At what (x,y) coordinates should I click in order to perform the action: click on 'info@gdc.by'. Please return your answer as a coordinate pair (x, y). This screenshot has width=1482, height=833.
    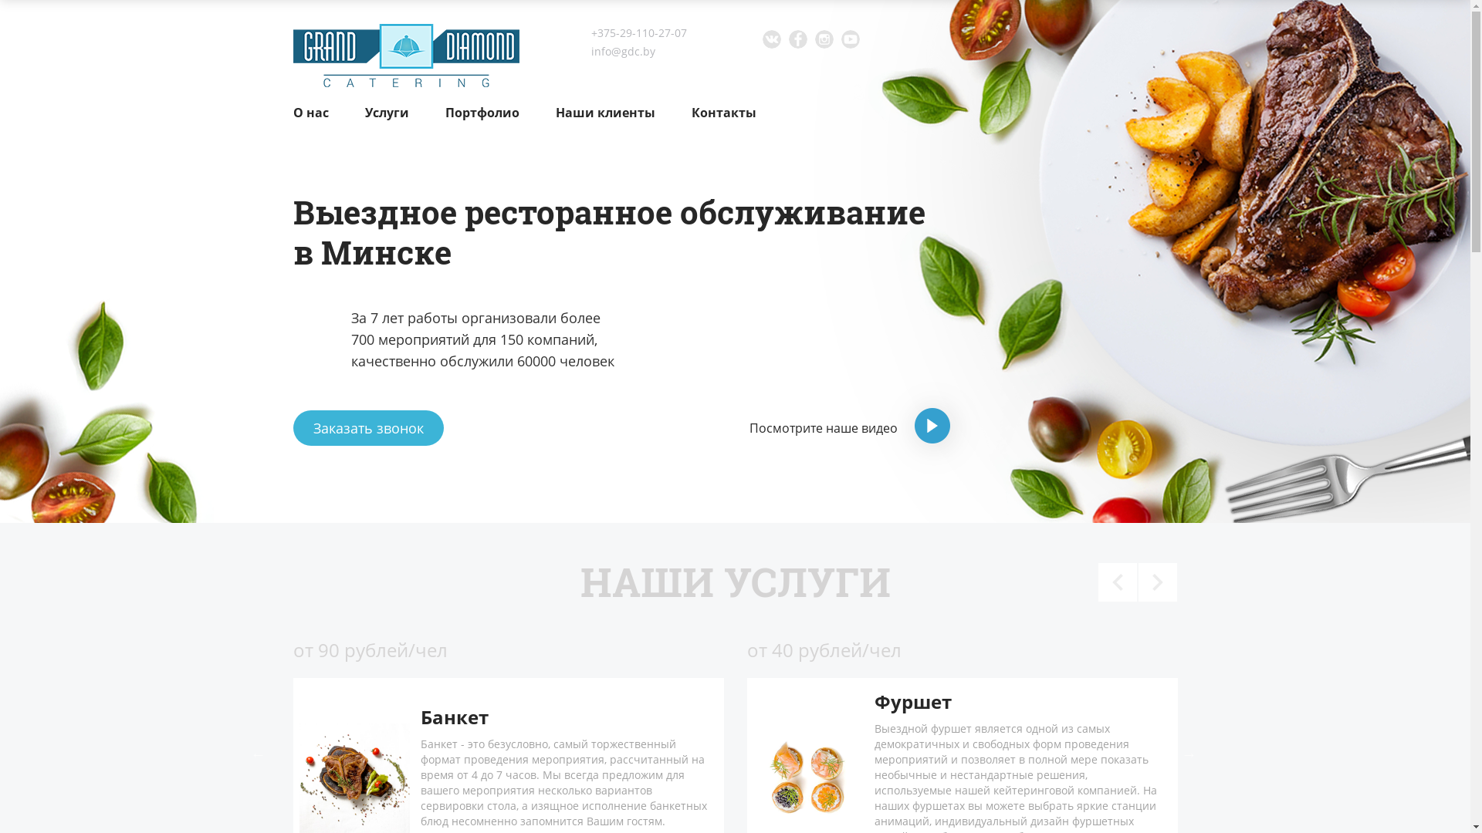
    Looking at the image, I should click on (623, 50).